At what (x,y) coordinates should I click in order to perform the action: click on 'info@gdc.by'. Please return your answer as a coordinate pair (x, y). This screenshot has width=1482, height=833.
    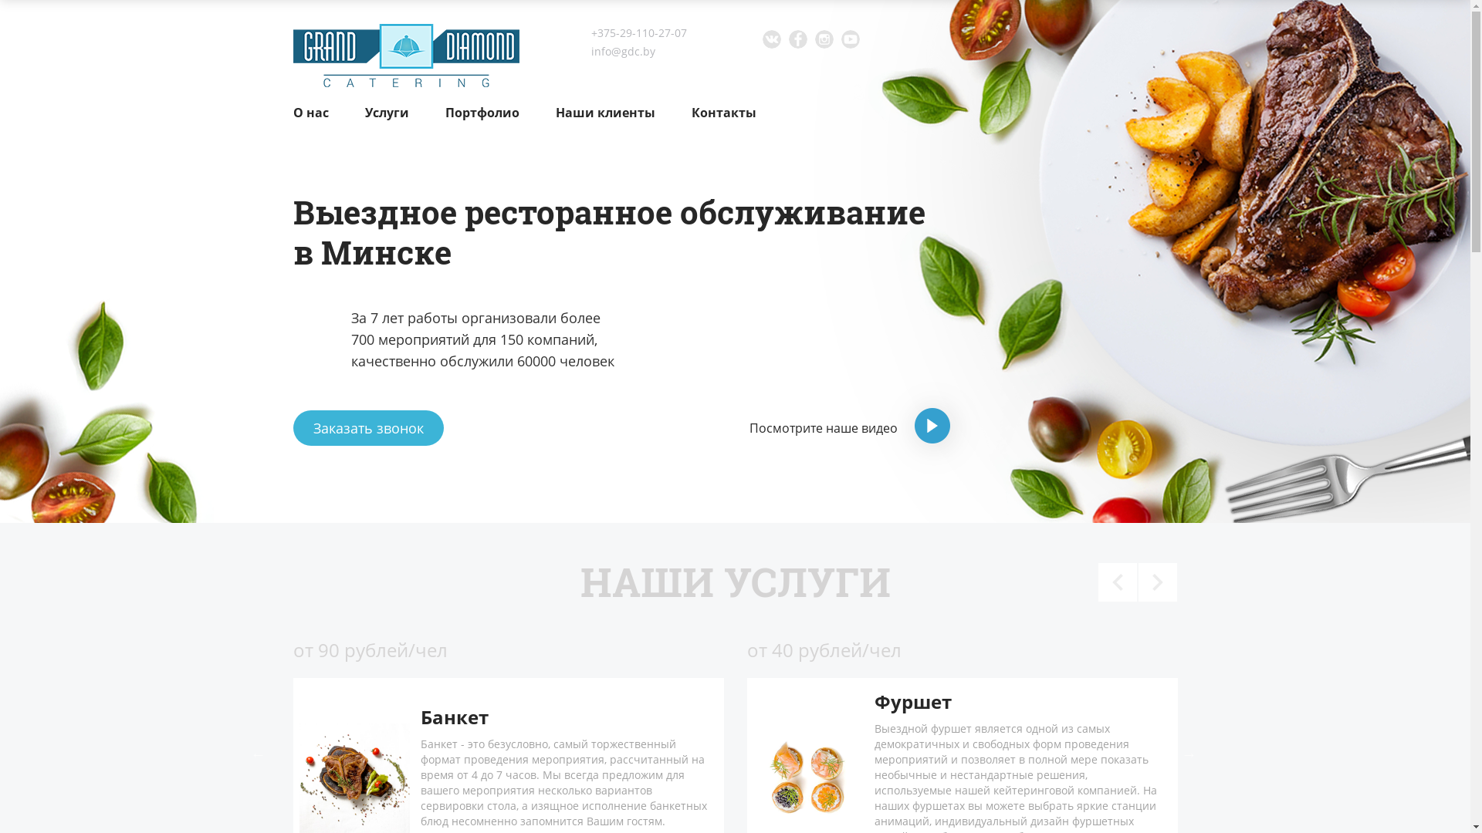
    Looking at the image, I should click on (623, 50).